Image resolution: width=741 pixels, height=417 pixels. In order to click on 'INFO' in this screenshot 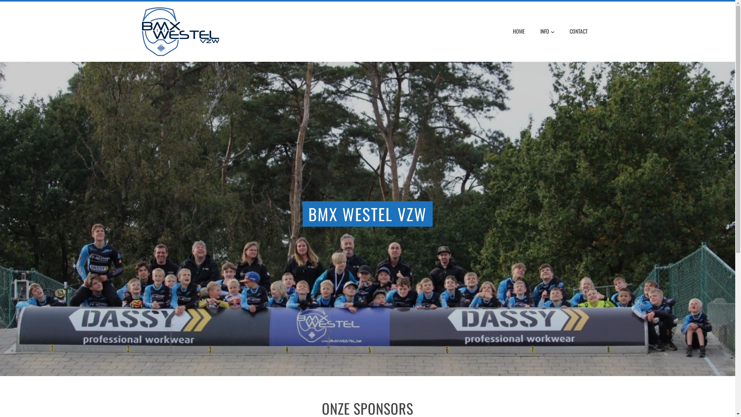, I will do `click(546, 31)`.